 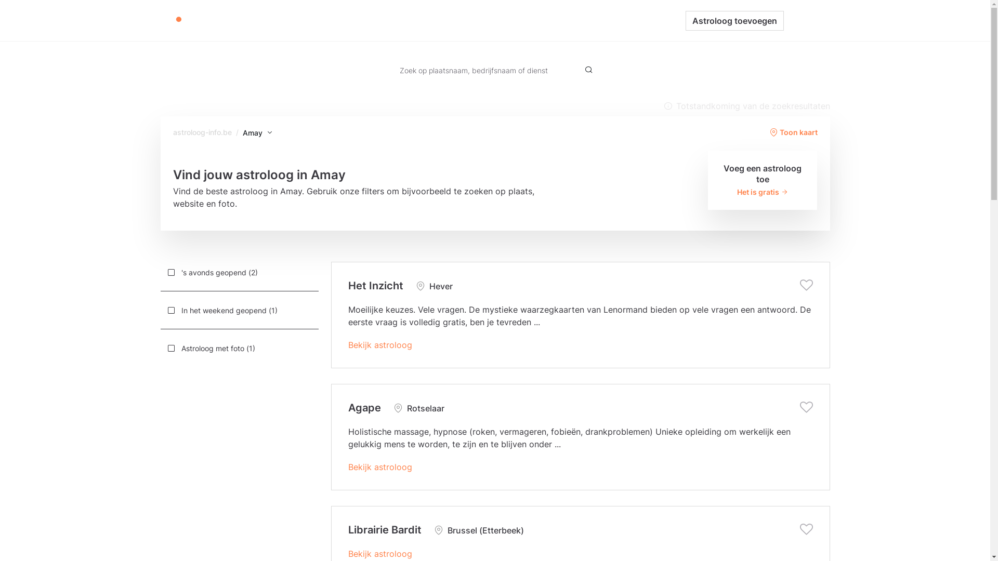 I want to click on 'In het weekend geopend (1)', so click(x=239, y=310).